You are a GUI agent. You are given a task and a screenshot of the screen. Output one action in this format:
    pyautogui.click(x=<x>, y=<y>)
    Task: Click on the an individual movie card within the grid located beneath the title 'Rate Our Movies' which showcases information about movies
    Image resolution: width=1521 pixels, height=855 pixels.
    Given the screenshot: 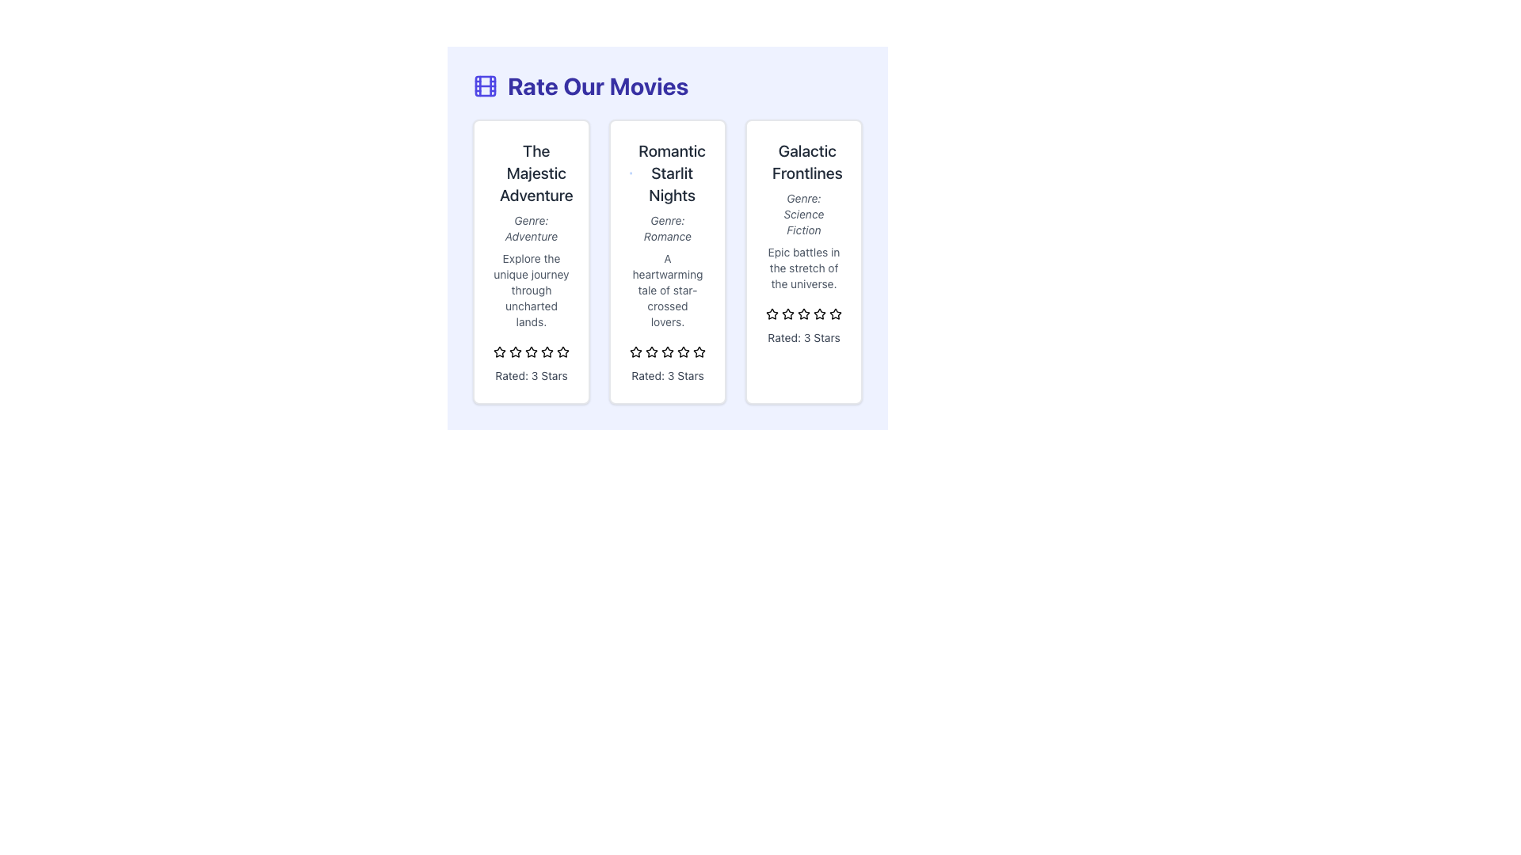 What is the action you would take?
    pyautogui.click(x=668, y=261)
    